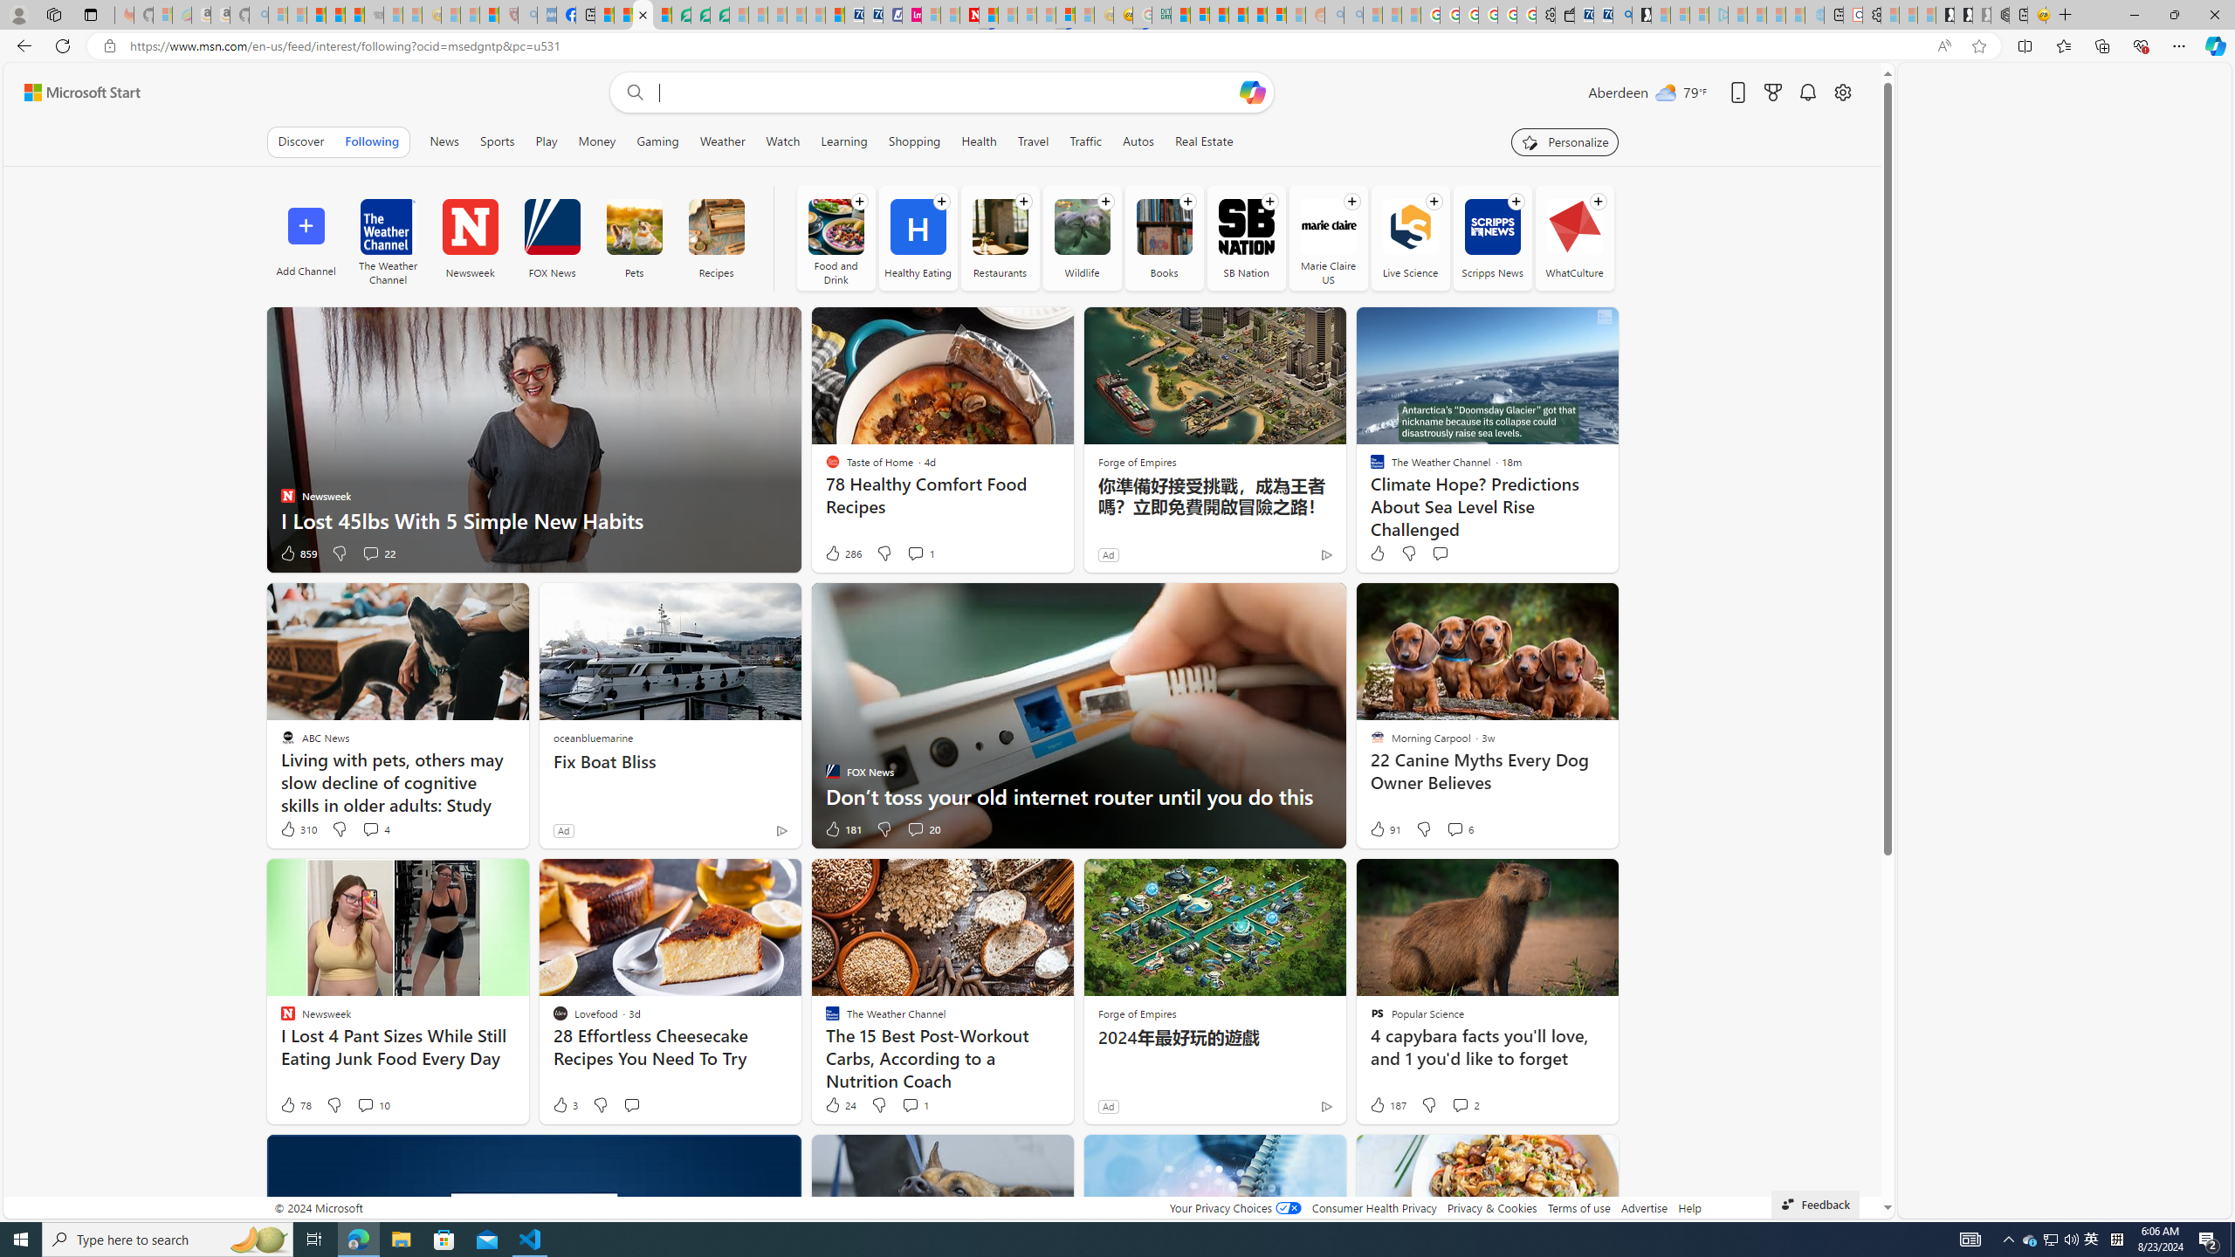 The height and width of the screenshot is (1257, 2235). I want to click on '78 Like', so click(294, 1103).